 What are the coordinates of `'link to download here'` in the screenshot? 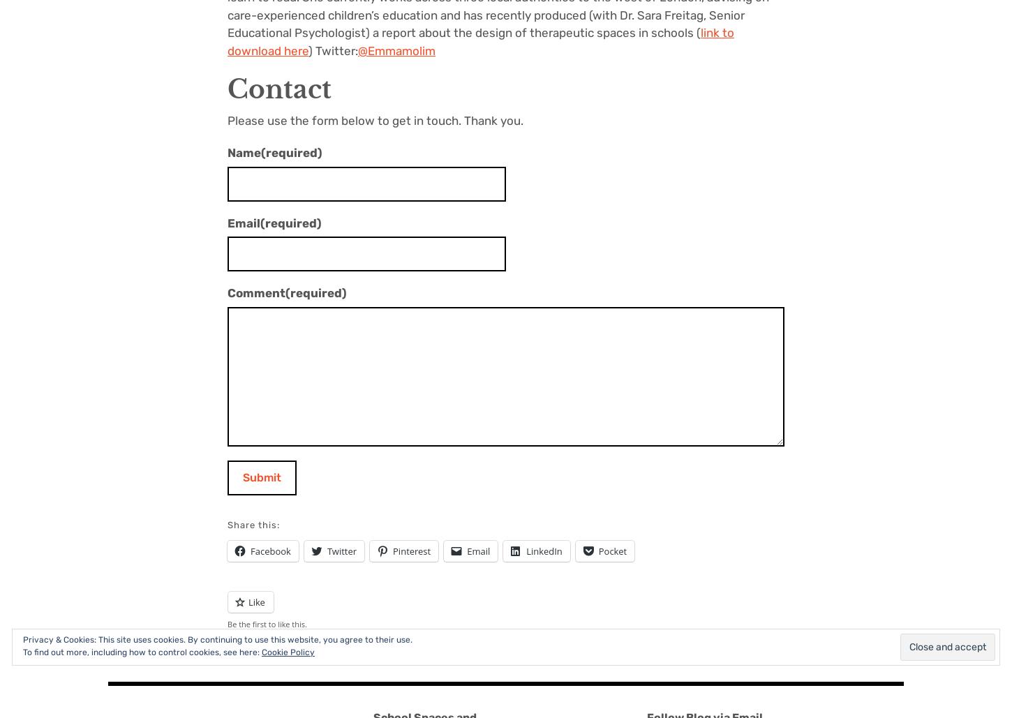 It's located at (480, 41).